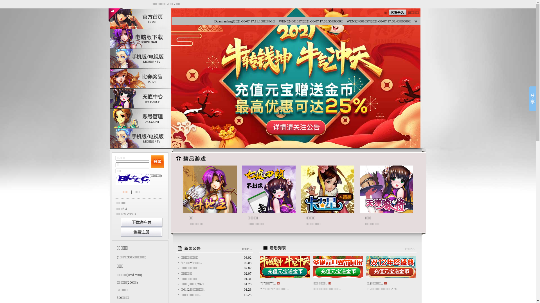  What do you see at coordinates (410, 248) in the screenshot?
I see `'more..'` at bounding box center [410, 248].